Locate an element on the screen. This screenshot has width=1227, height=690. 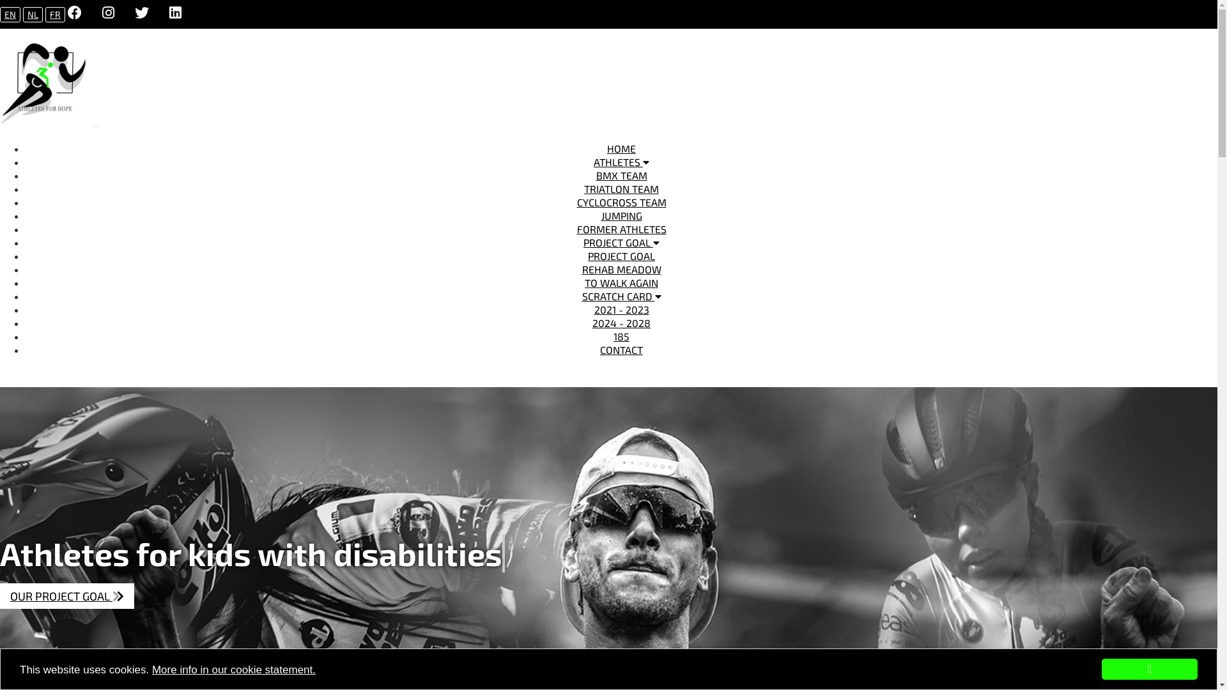
'EN' is located at coordinates (0, 15).